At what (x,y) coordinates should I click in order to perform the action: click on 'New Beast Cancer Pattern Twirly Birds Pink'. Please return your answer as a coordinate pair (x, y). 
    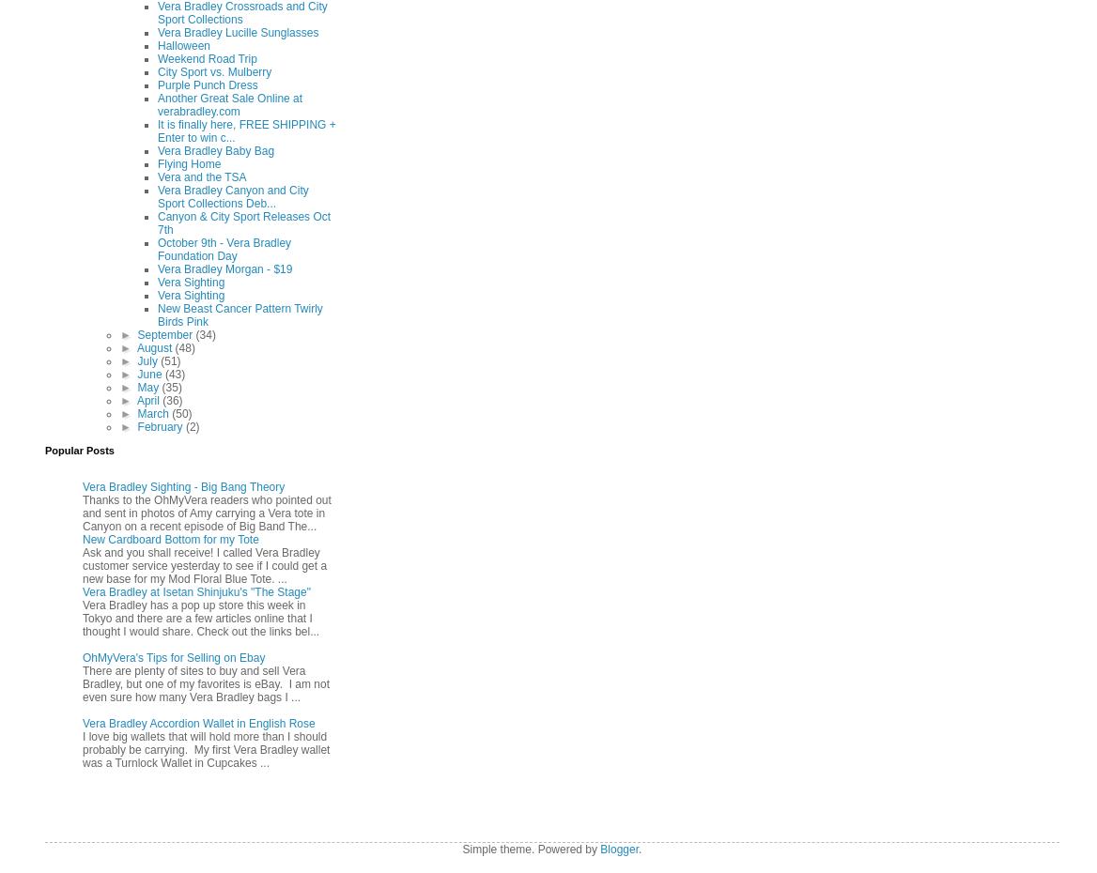
    Looking at the image, I should click on (239, 313).